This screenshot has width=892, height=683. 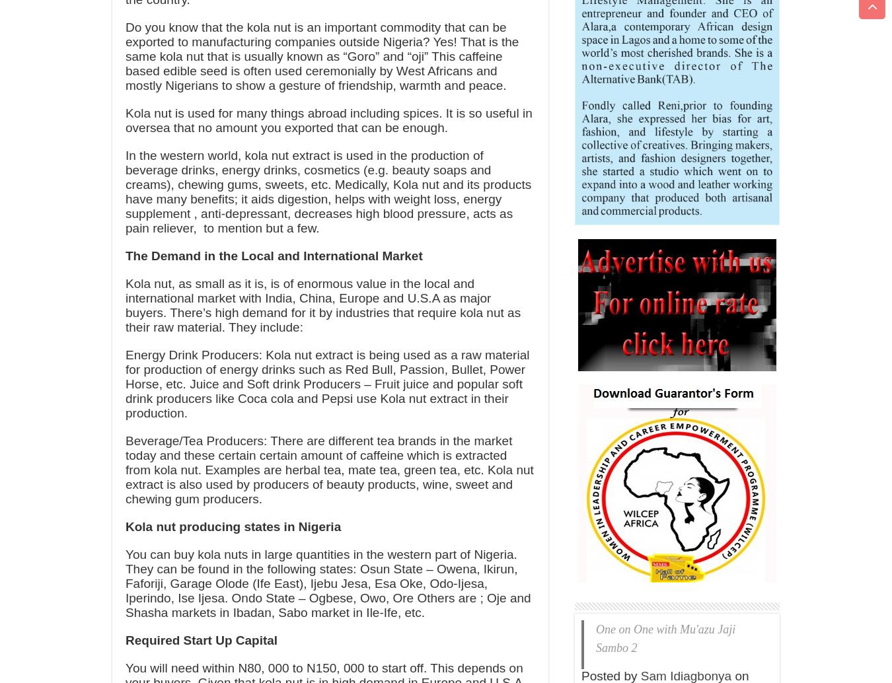 I want to click on 'Energy Drink Producers: Kola nut extract is being used as a raw material for production of energy drinks such as Red Bull, Passion, Bullet, Power Horse, etc. Juice and Soft drink Producers – Fruit juice and popular soft drink producers like Coca cola and Pepsi use Kola nut extract in their production.', so click(x=326, y=384).